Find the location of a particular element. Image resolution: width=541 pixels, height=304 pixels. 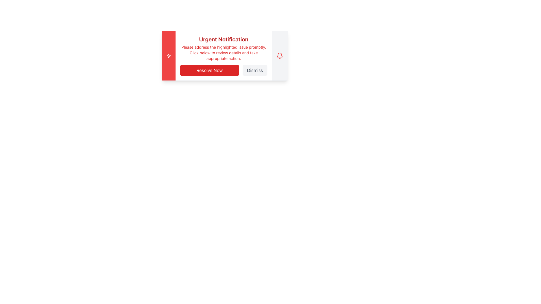

the 'Resolve Now' button, which is prominently displayed in white text on a red background is located at coordinates (223, 70).